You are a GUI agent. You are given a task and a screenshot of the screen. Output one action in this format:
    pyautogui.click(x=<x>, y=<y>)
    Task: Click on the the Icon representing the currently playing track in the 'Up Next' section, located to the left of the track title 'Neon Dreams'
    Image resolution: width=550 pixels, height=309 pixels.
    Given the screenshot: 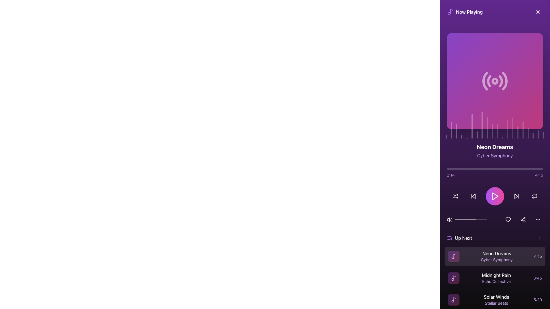 What is the action you would take?
    pyautogui.click(x=453, y=256)
    